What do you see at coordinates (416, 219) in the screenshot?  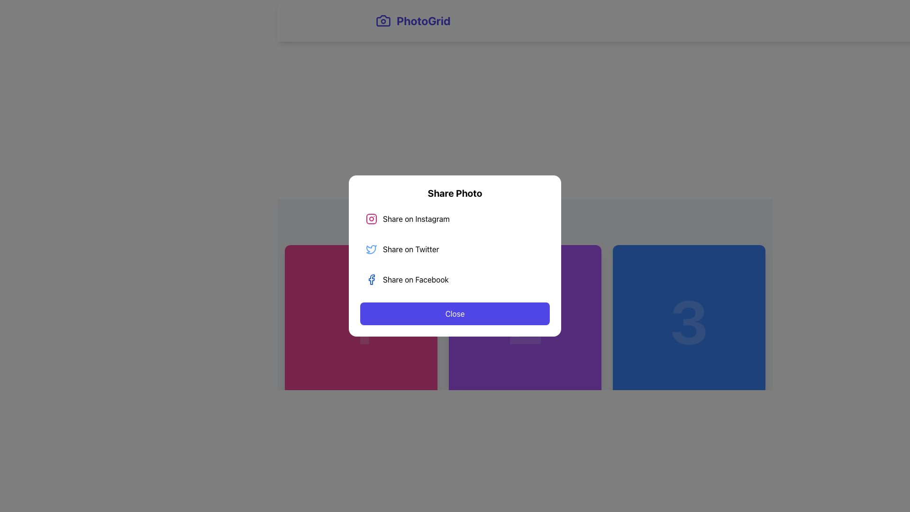 I see `the 'Share on Instagram' text button` at bounding box center [416, 219].